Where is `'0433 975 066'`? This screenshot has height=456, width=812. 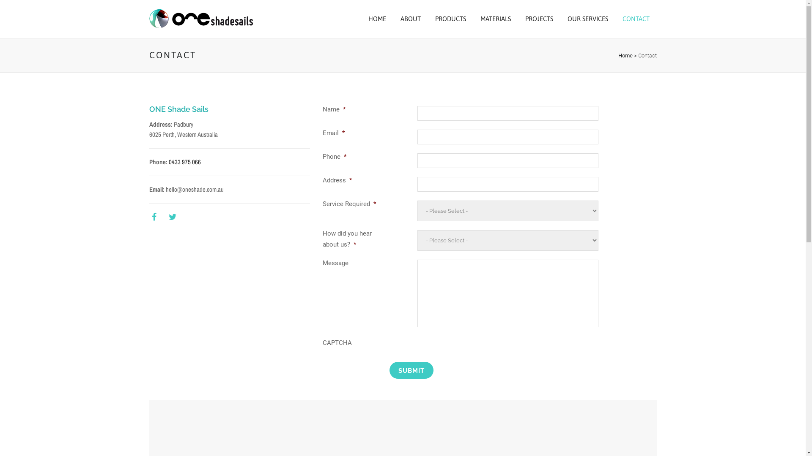 '0433 975 066' is located at coordinates (184, 162).